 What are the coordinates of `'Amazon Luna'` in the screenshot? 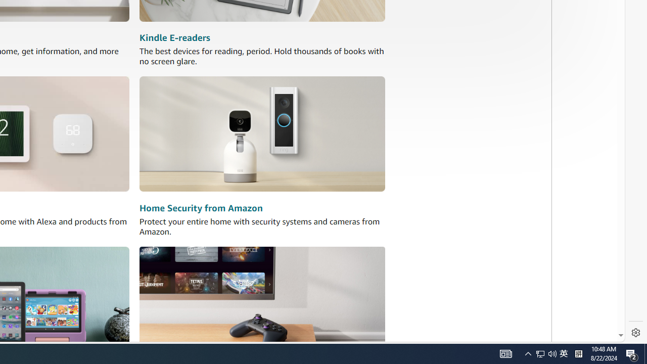 It's located at (262, 303).